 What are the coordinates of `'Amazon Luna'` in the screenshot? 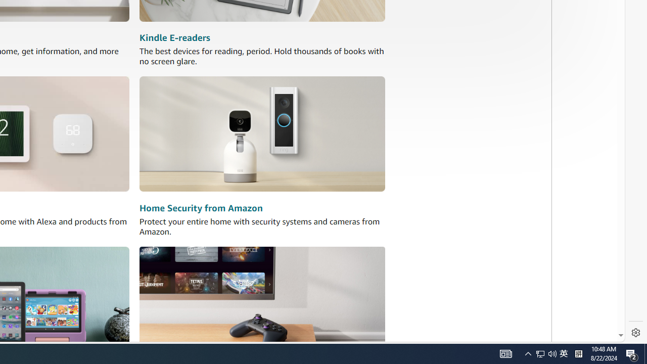 It's located at (262, 303).